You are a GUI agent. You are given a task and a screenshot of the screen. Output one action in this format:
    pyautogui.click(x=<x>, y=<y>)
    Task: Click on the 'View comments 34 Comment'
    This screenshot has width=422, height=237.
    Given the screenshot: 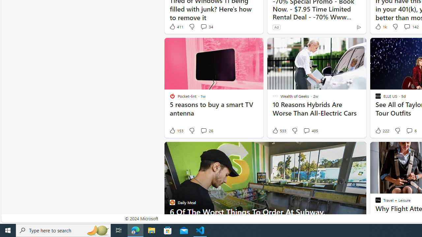 What is the action you would take?
    pyautogui.click(x=206, y=26)
    